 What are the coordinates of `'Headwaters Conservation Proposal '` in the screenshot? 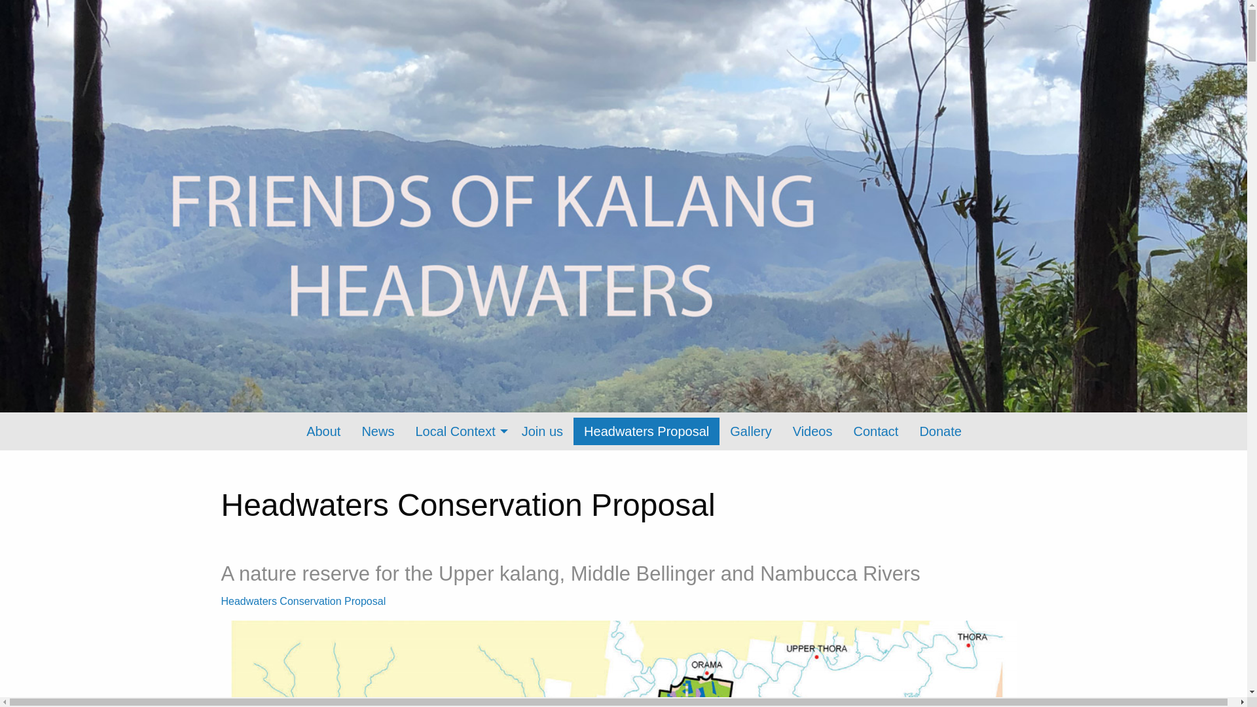 It's located at (304, 601).